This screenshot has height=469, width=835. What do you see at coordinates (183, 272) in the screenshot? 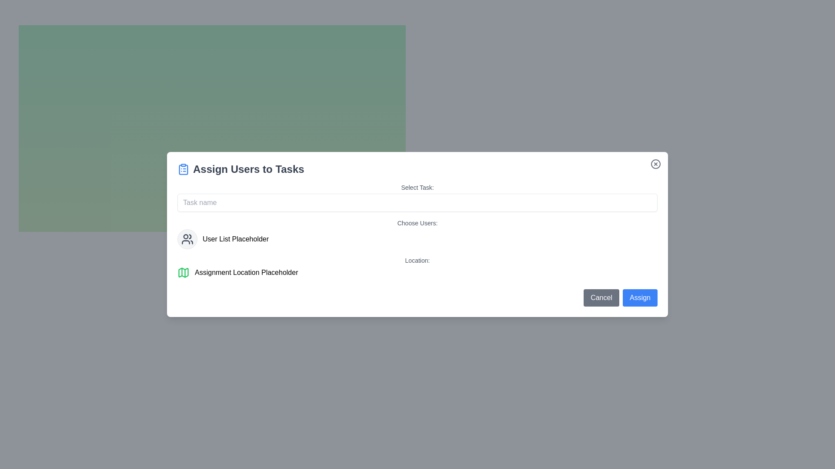
I see `the green map icon styled as an SVG graphic in the 'Assign Users to Tasks' dialog, which is paired with the label 'Assignment Location Placeholder.'` at bounding box center [183, 272].